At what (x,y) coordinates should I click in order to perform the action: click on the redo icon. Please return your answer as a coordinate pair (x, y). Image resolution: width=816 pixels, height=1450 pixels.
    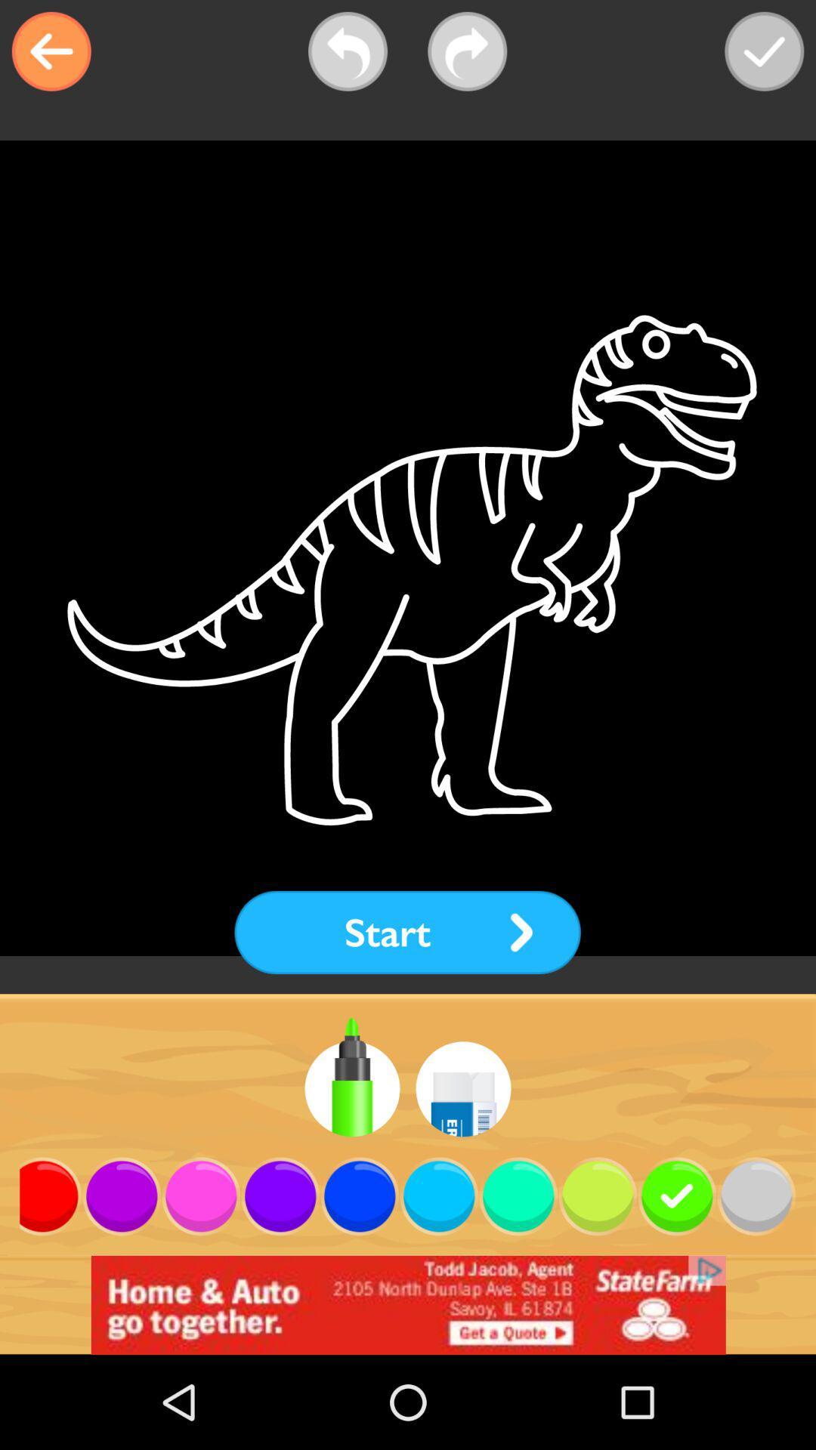
    Looking at the image, I should click on (466, 51).